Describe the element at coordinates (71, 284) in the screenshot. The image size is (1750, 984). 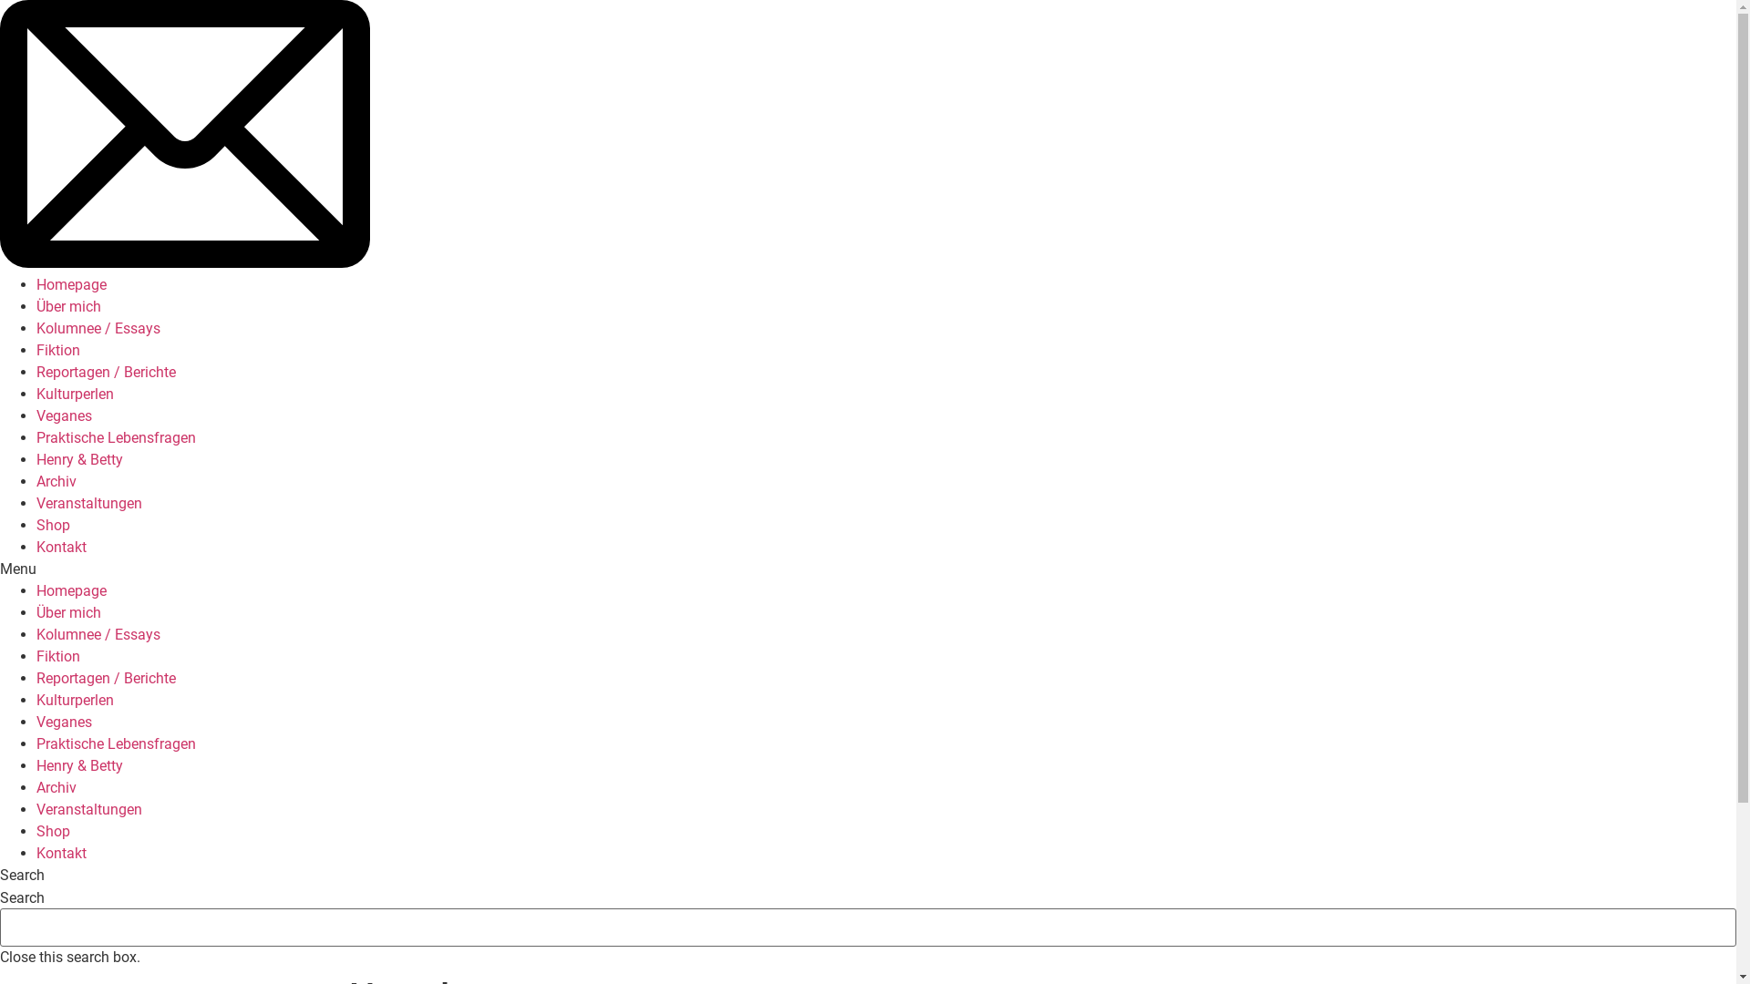
I see `'Homepage'` at that location.